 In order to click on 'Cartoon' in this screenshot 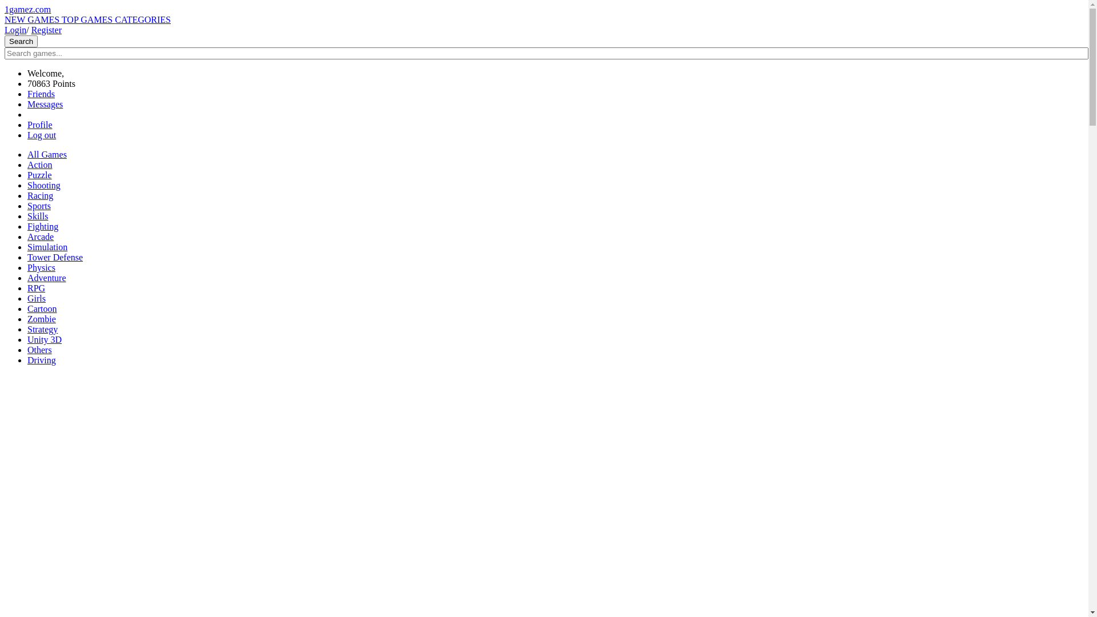, I will do `click(42, 308)`.